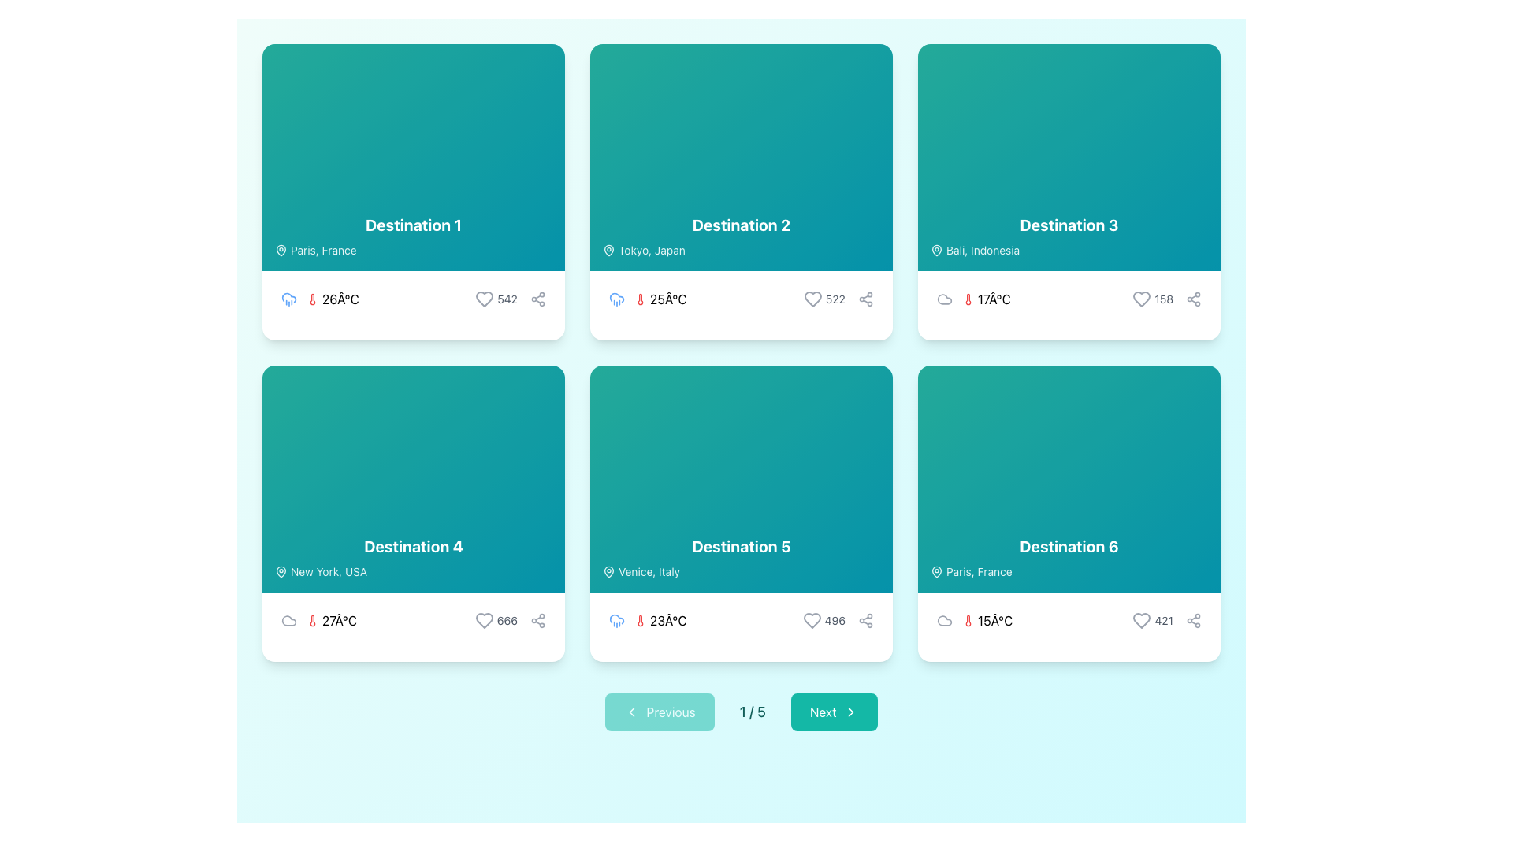 The image size is (1513, 851). What do you see at coordinates (1142, 619) in the screenshot?
I see `the heart-shaped SVG graphic icon located at the bottom-right corner of the sixth card in the grid layout, which is adjacent to the share icon` at bounding box center [1142, 619].